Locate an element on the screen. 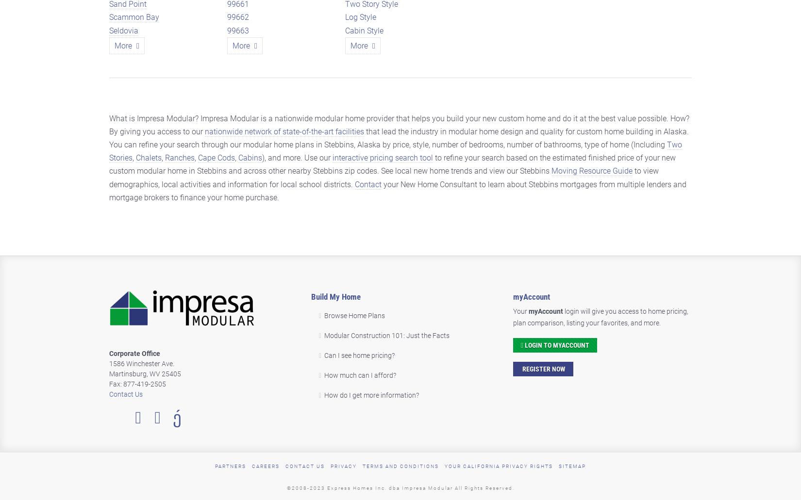  'Browse Home Plans' is located at coordinates (353, 315).